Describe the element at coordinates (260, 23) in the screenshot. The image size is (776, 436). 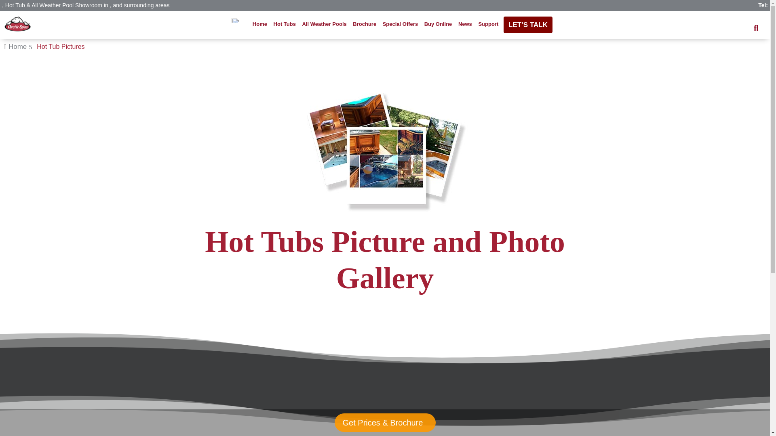
I see `'Home'` at that location.